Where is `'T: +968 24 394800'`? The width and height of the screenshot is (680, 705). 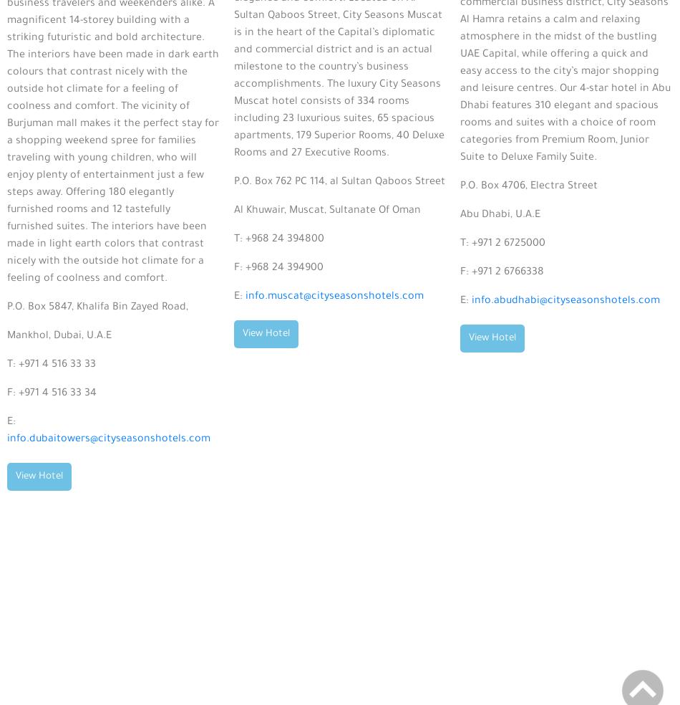 'T: +968 24 394800' is located at coordinates (278, 239).